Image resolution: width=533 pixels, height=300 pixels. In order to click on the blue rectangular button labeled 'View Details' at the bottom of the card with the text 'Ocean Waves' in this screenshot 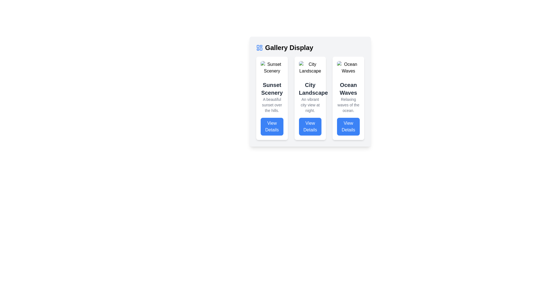, I will do `click(348, 126)`.